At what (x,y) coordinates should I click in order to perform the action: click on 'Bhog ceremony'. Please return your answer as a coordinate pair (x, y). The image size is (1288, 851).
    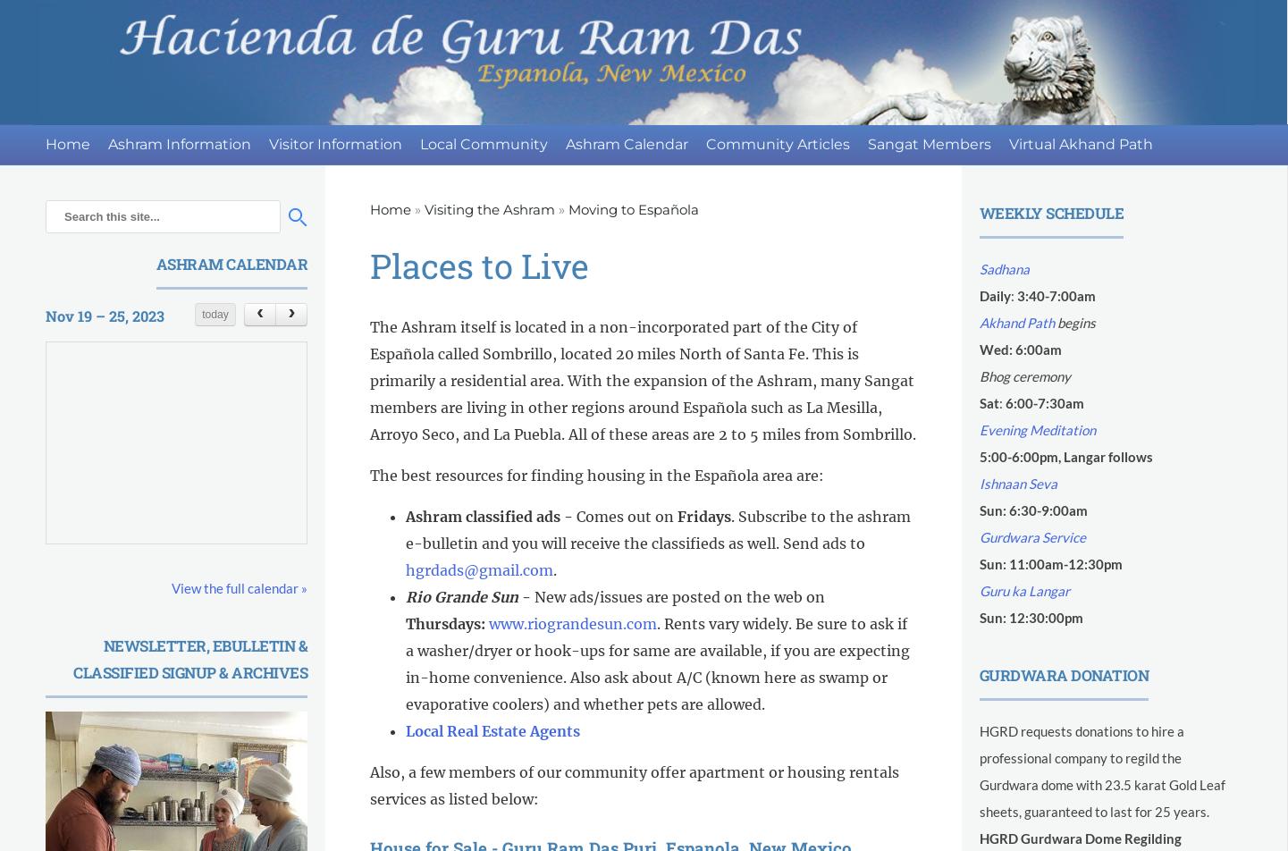
    Looking at the image, I should click on (1023, 375).